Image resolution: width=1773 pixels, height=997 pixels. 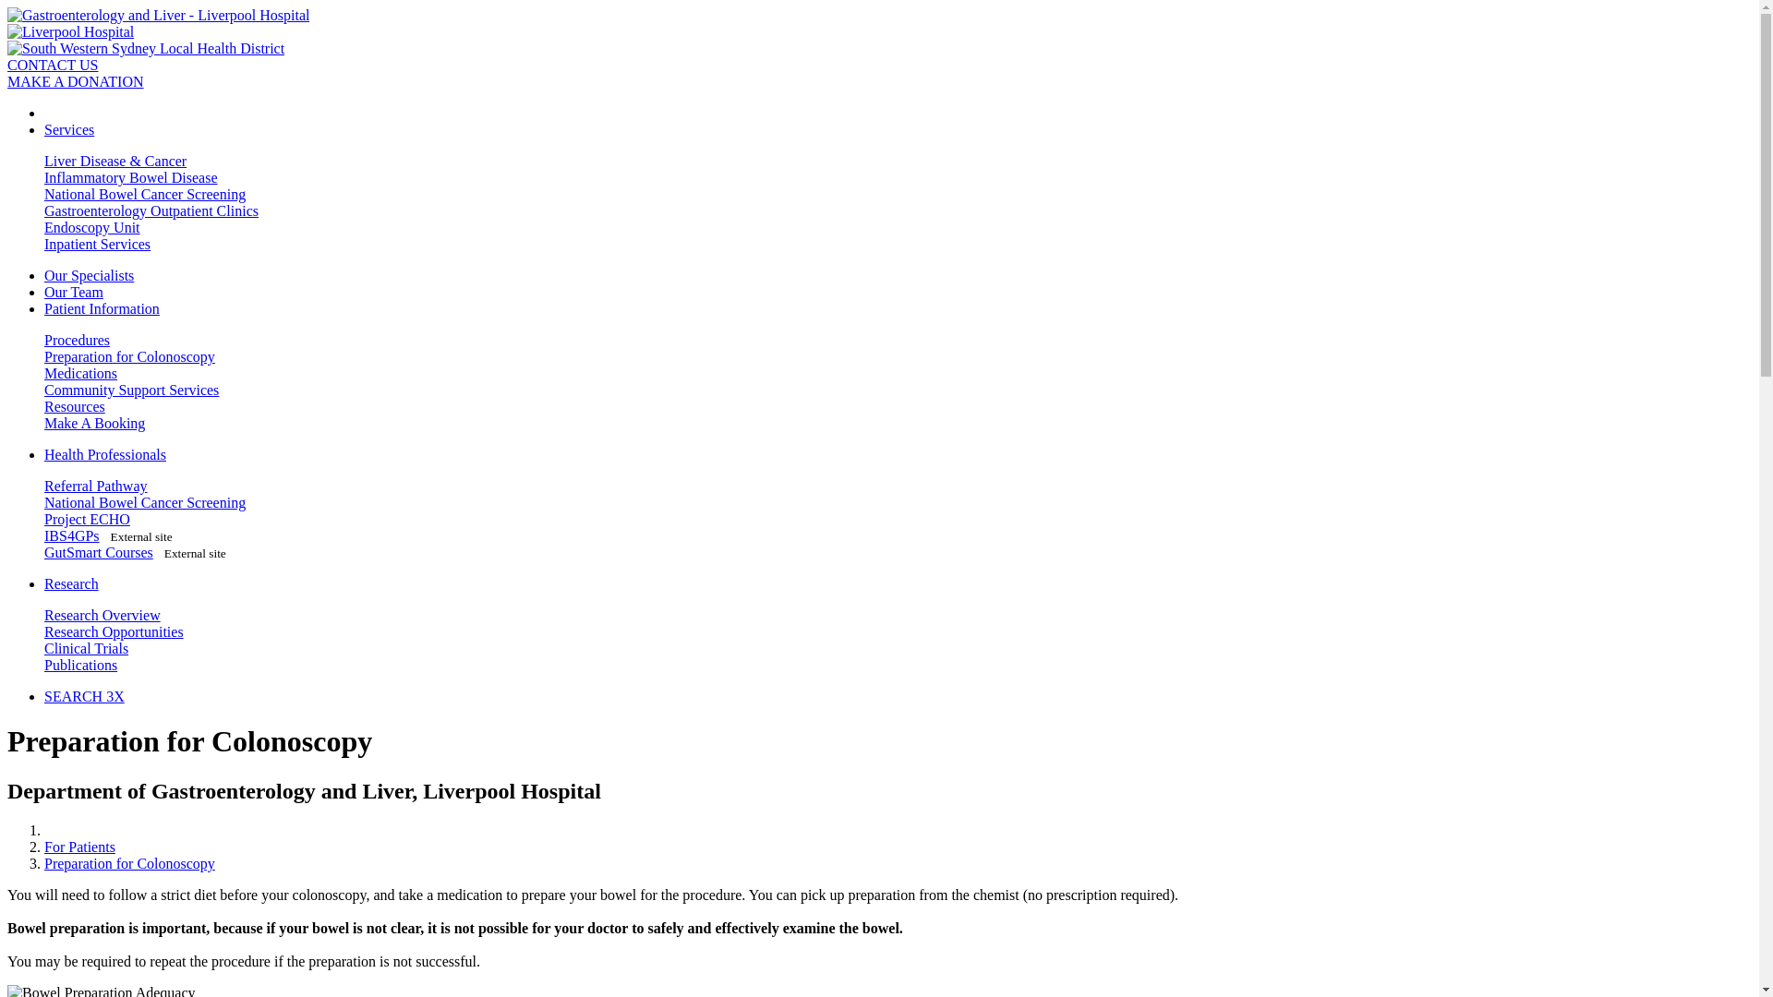 I want to click on 'IBS4GPs', so click(x=44, y=535).